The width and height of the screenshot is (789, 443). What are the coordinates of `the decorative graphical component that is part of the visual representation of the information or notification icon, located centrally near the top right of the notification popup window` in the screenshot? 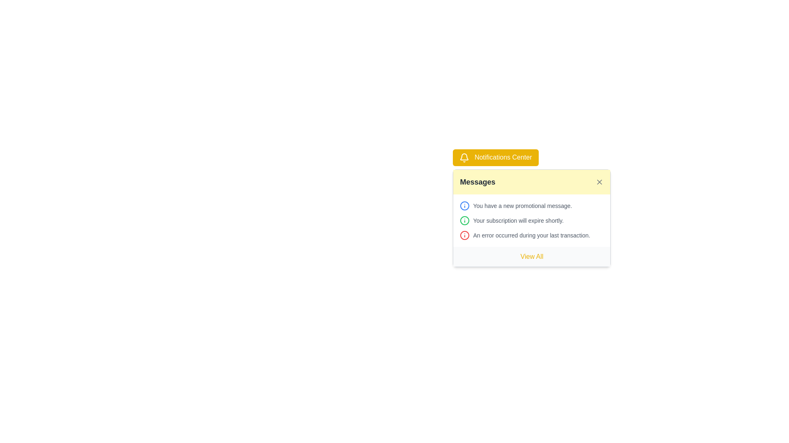 It's located at (465, 205).